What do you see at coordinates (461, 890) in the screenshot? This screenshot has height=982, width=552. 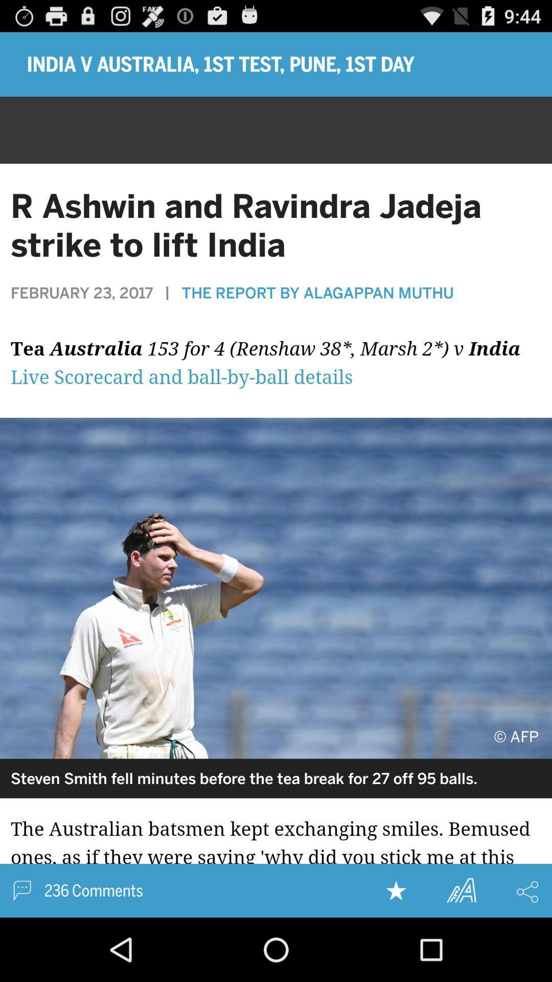 I see `change text size` at bounding box center [461, 890].